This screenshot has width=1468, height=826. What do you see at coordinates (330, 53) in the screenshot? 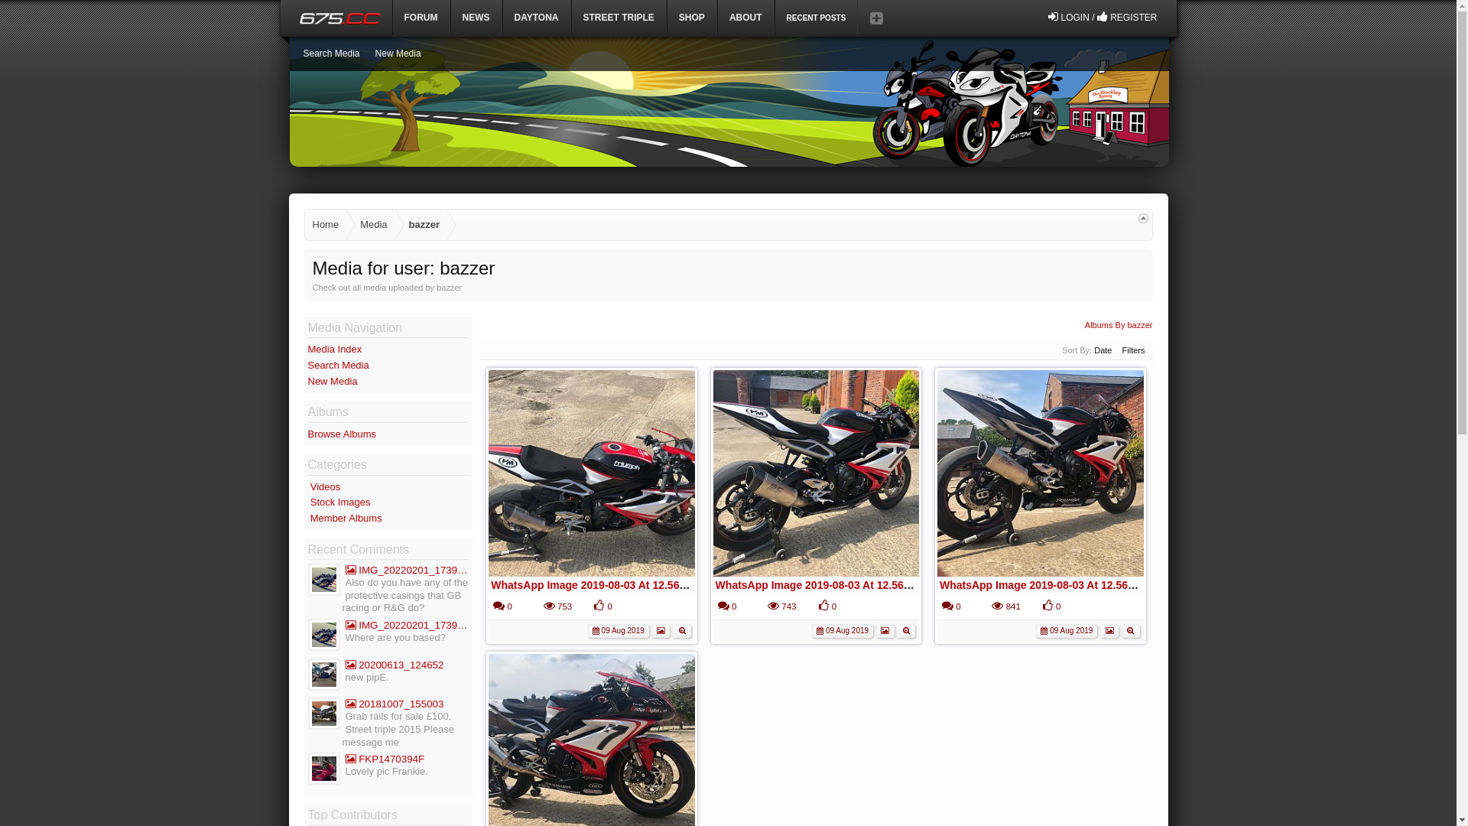
I see `'Search Media'` at bounding box center [330, 53].